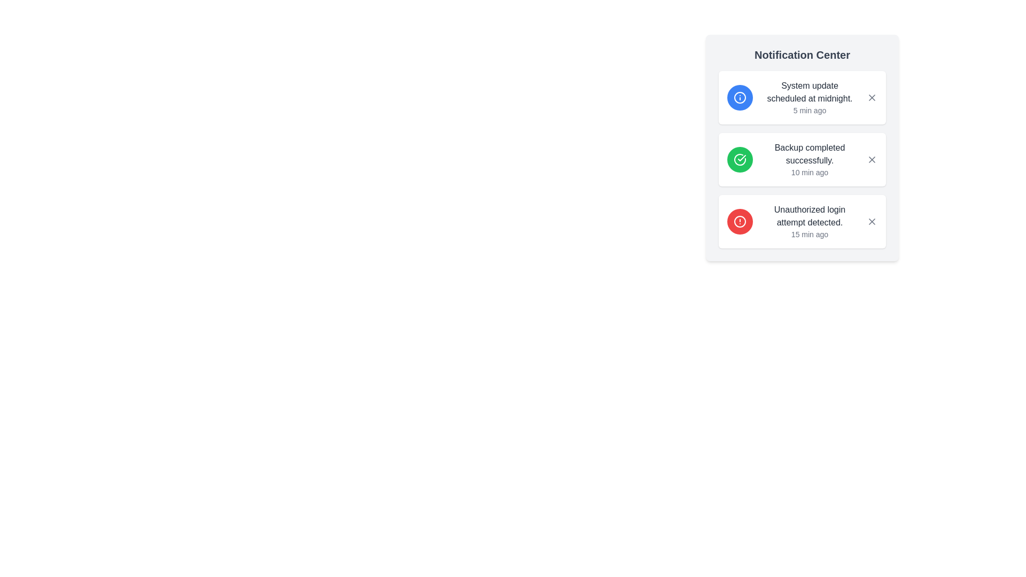 This screenshot has height=577, width=1026. What do you see at coordinates (802, 55) in the screenshot?
I see `static text heading 'Notification Center', which is bold, extra-large, and dark gray, located at the top of the notification panel` at bounding box center [802, 55].